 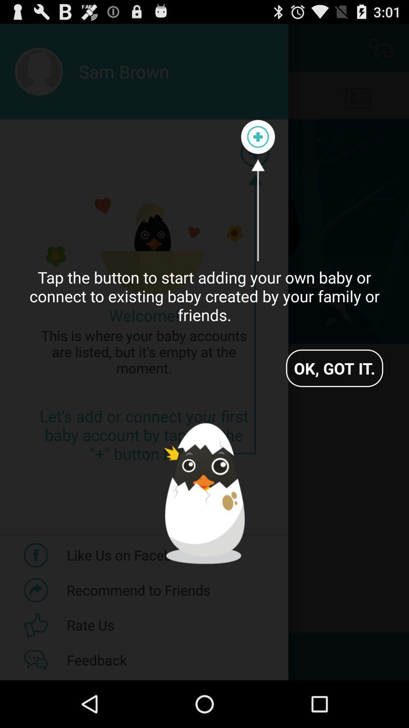 What do you see at coordinates (258, 146) in the screenshot?
I see `the add icon` at bounding box center [258, 146].